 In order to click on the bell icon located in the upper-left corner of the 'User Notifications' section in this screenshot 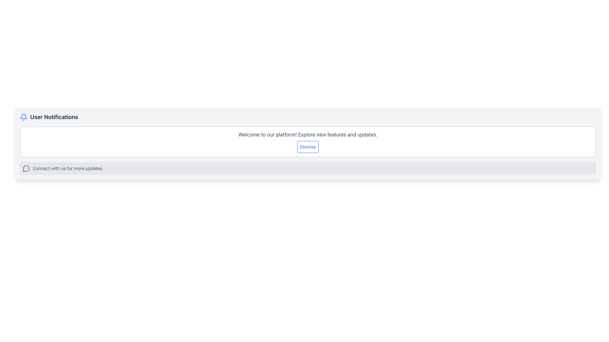, I will do `click(24, 117)`.